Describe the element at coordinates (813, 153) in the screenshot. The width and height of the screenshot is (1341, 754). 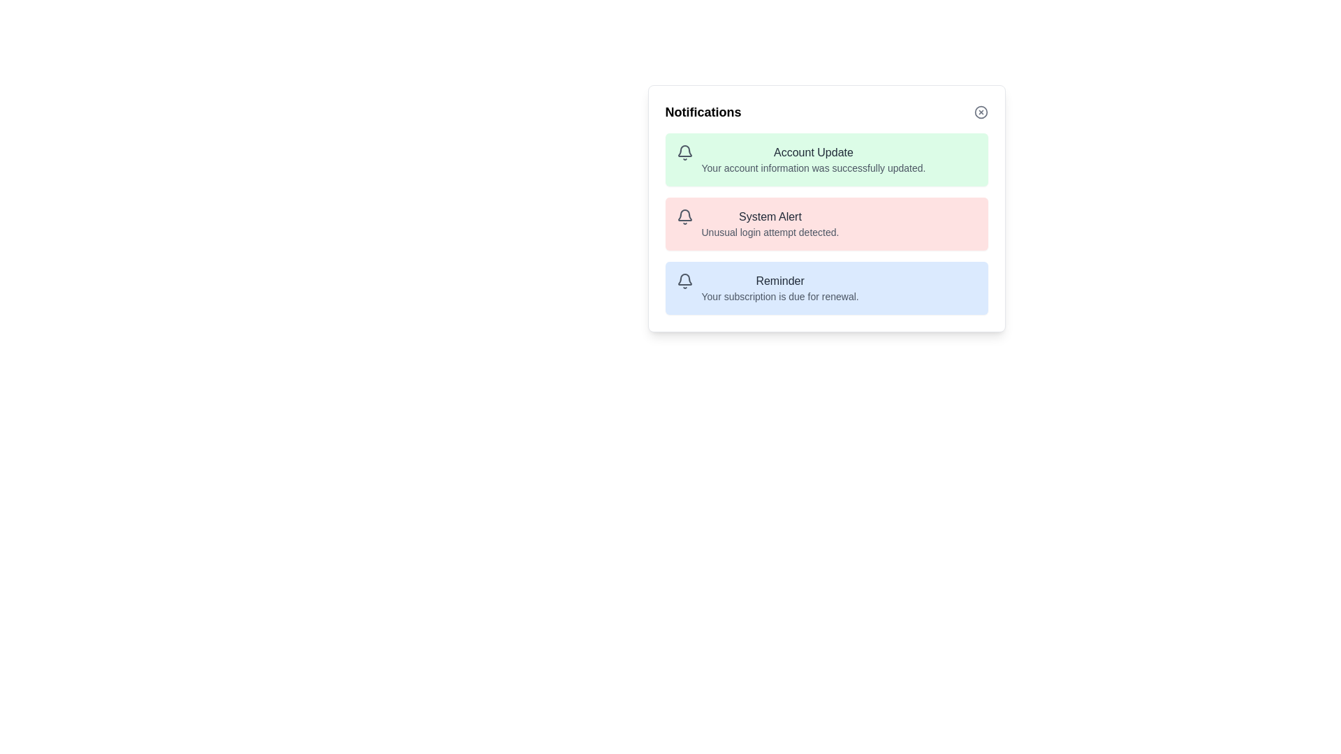
I see `the static text label that reads 'Account Update', which is styled with a medium font weight on a green background in the notification list` at that location.